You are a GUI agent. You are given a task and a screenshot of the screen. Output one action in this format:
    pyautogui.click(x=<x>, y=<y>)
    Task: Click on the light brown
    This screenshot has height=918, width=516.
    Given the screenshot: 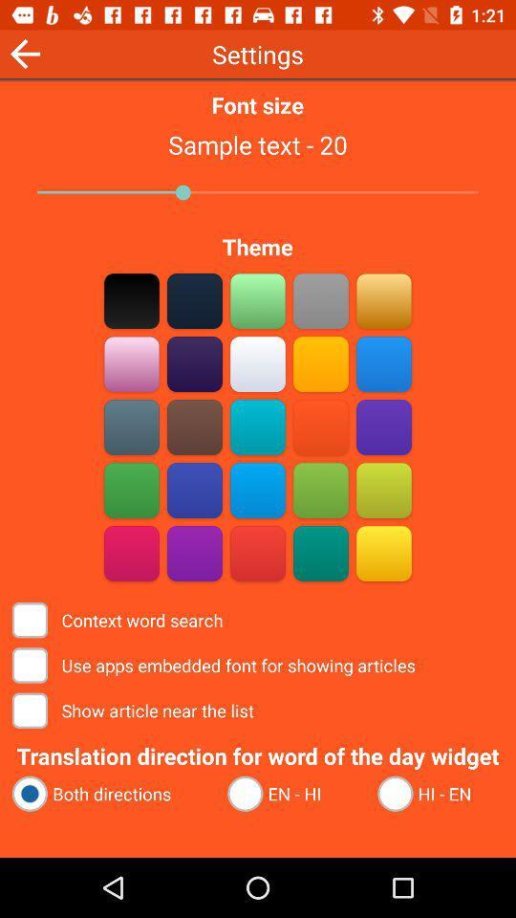 What is the action you would take?
    pyautogui.click(x=194, y=363)
    